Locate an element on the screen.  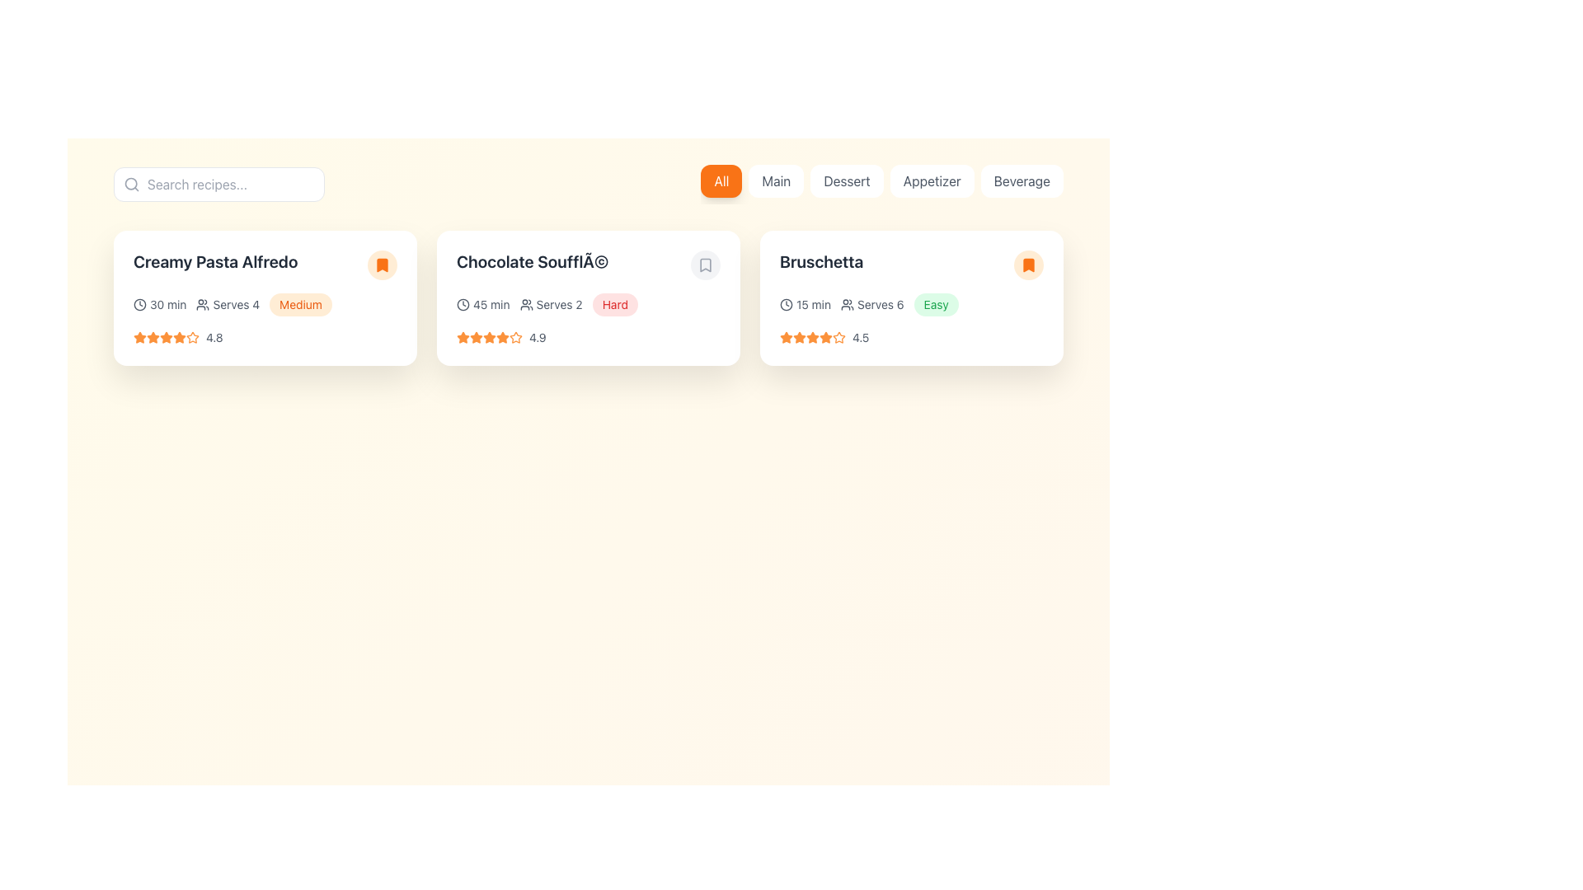
the preparation time icon-text pair in the recipe details card for 'Bruschetta', which is the first element in a horizontal flexbox layout is located at coordinates (806, 305).